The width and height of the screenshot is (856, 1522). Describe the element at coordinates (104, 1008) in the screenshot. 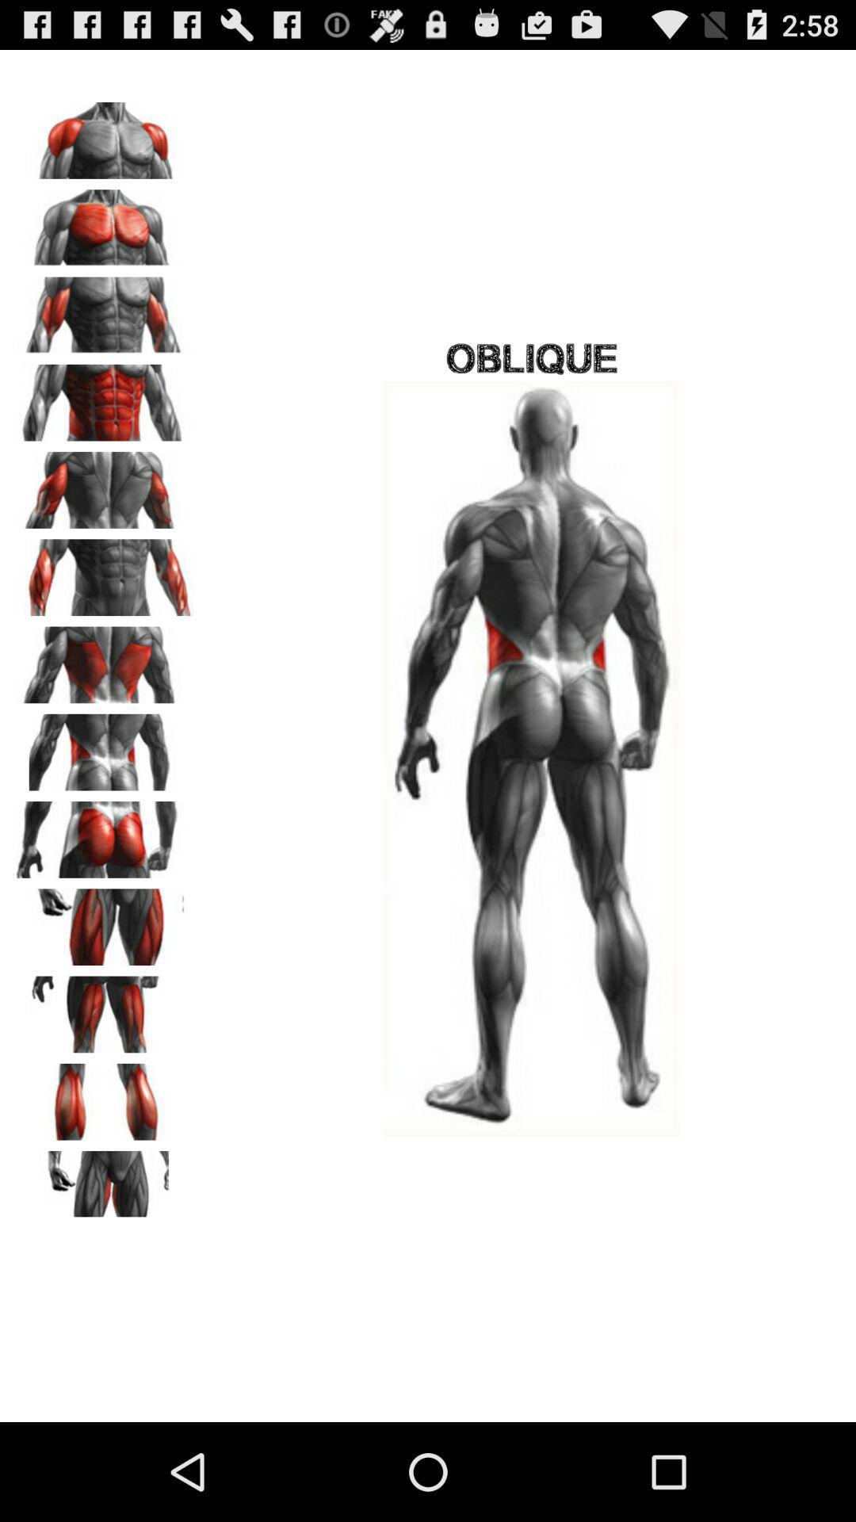

I see `animation` at that location.